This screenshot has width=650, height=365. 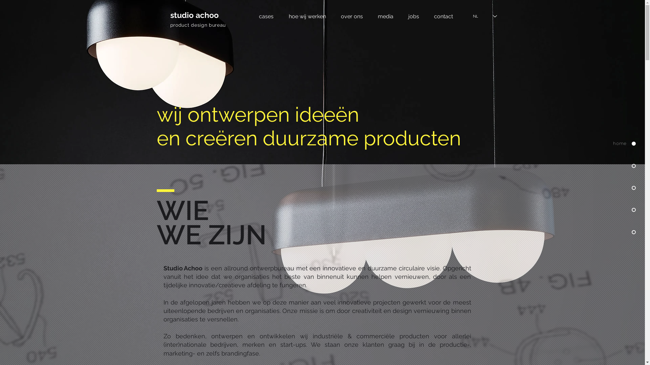 I want to click on 'jobs', so click(x=413, y=16).